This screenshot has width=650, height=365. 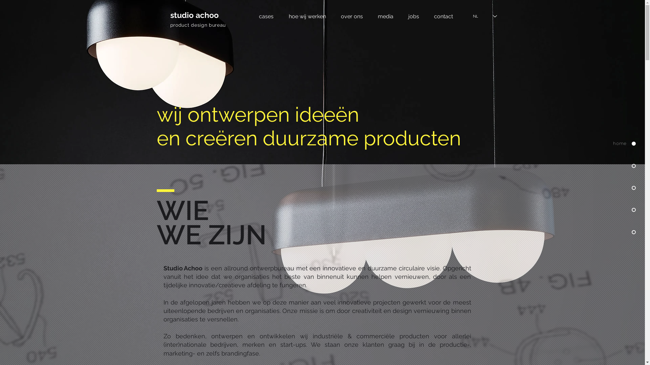 I want to click on 'jobs', so click(x=413, y=16).